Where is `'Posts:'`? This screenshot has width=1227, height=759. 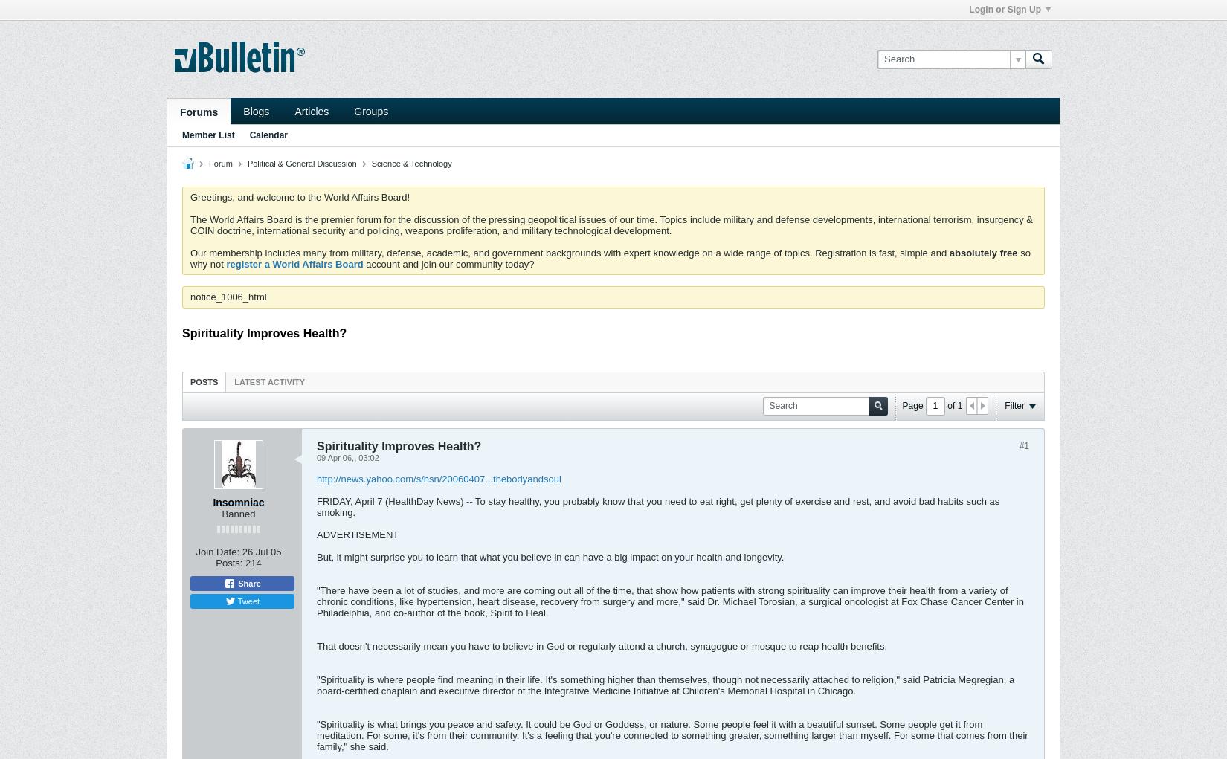
'Posts:' is located at coordinates (229, 562).